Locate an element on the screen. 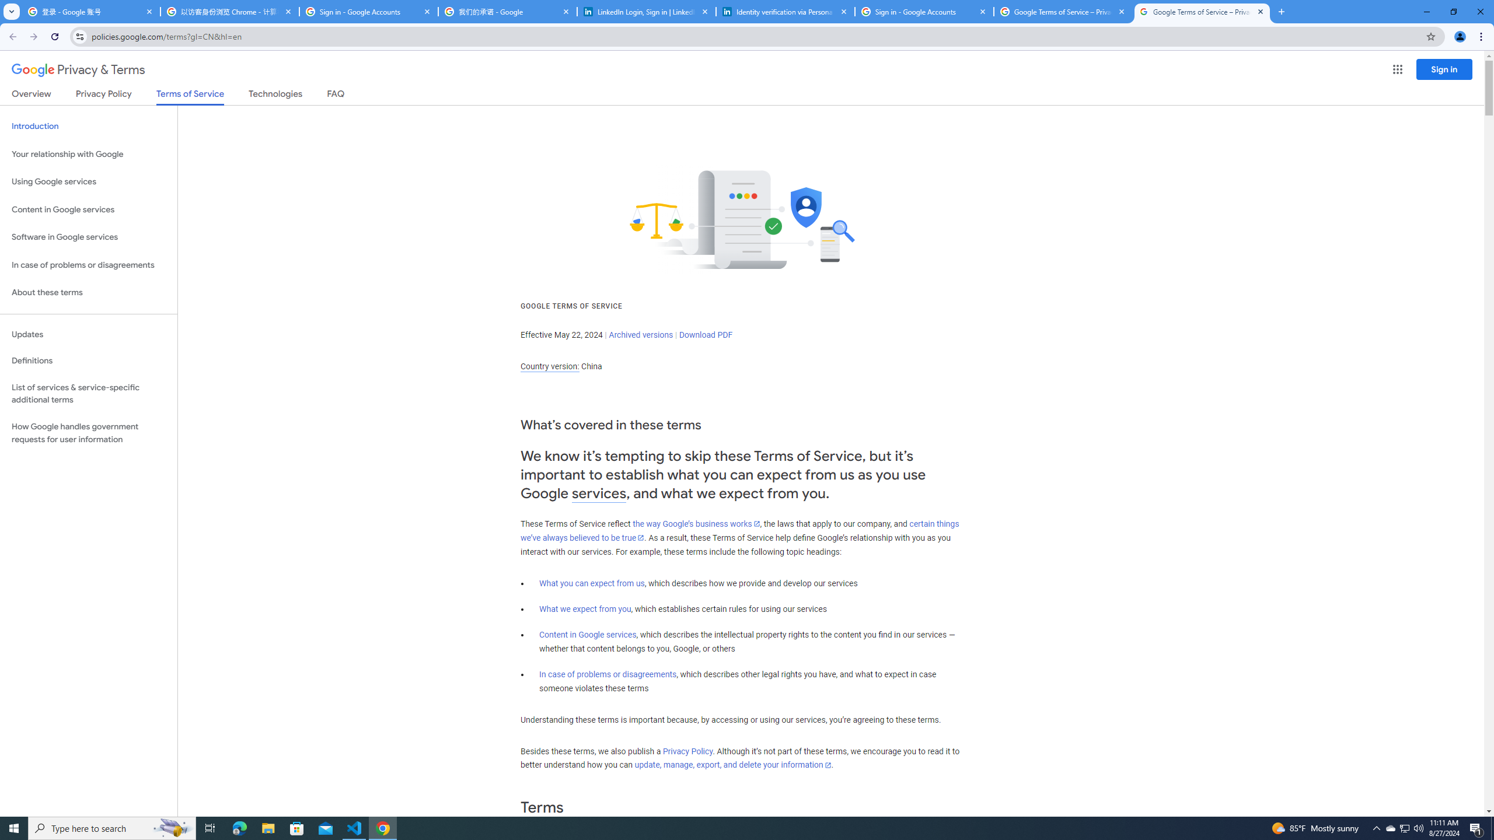 This screenshot has width=1494, height=840. 'How Google handles government requests for user information' is located at coordinates (88, 433).